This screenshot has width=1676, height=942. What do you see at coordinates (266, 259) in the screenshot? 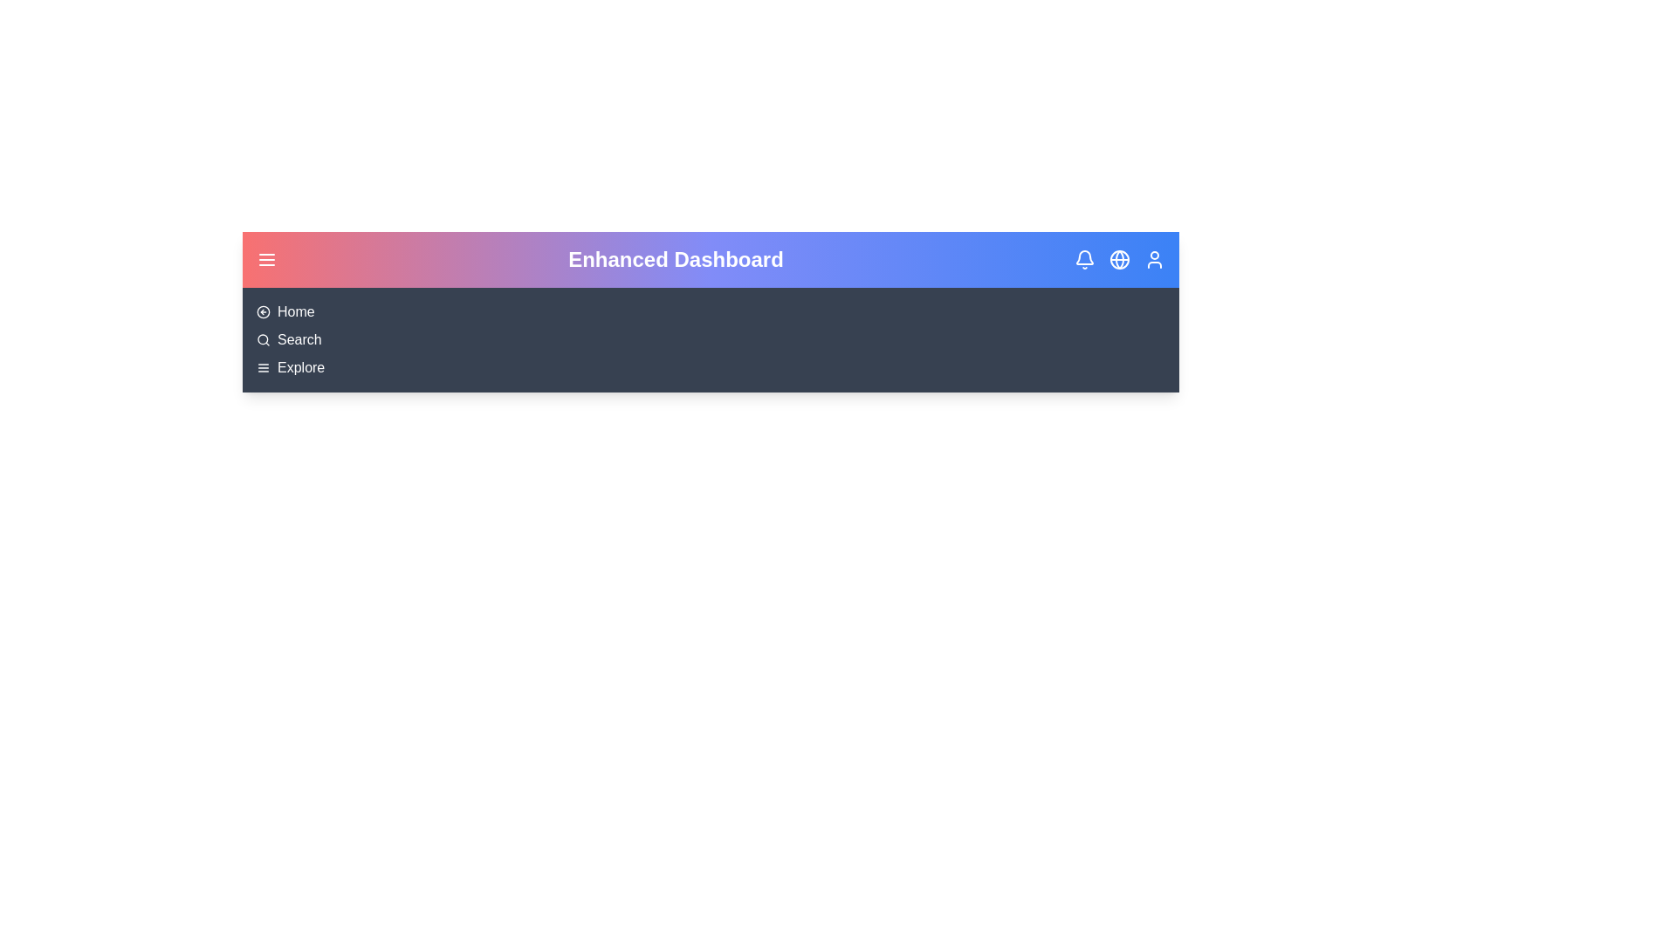
I see `the menu toggle button to toggle the menu visibility` at bounding box center [266, 259].